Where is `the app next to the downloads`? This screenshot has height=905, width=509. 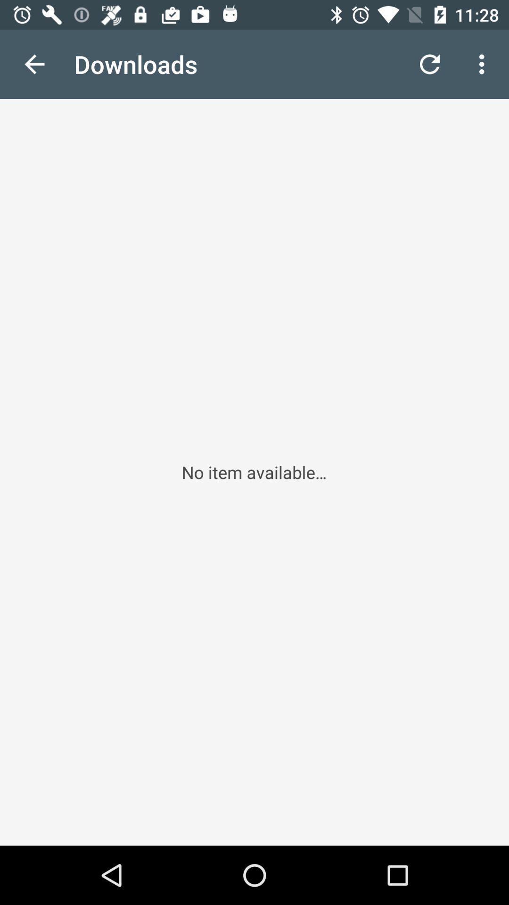
the app next to the downloads is located at coordinates (429, 64).